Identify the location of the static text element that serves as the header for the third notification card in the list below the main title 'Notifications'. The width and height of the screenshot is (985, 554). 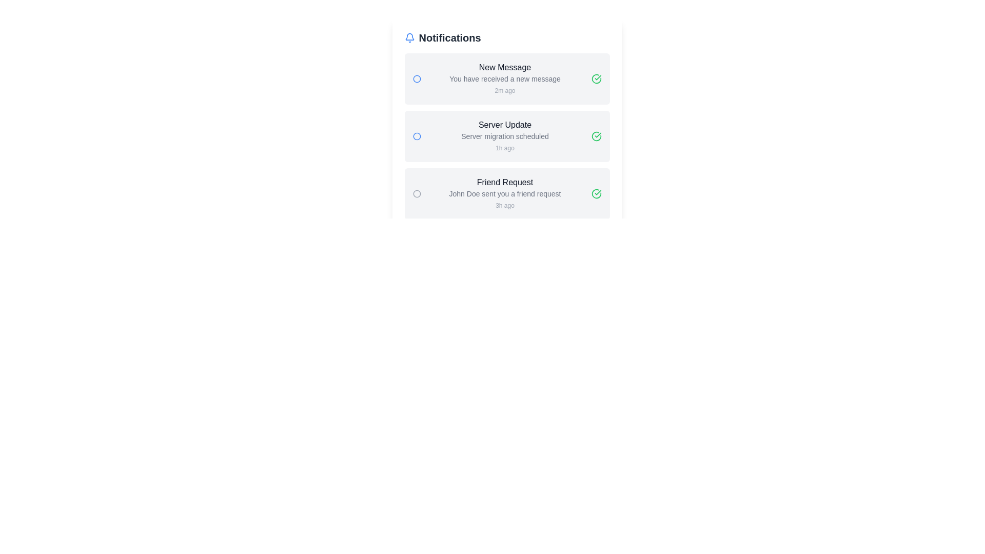
(505, 182).